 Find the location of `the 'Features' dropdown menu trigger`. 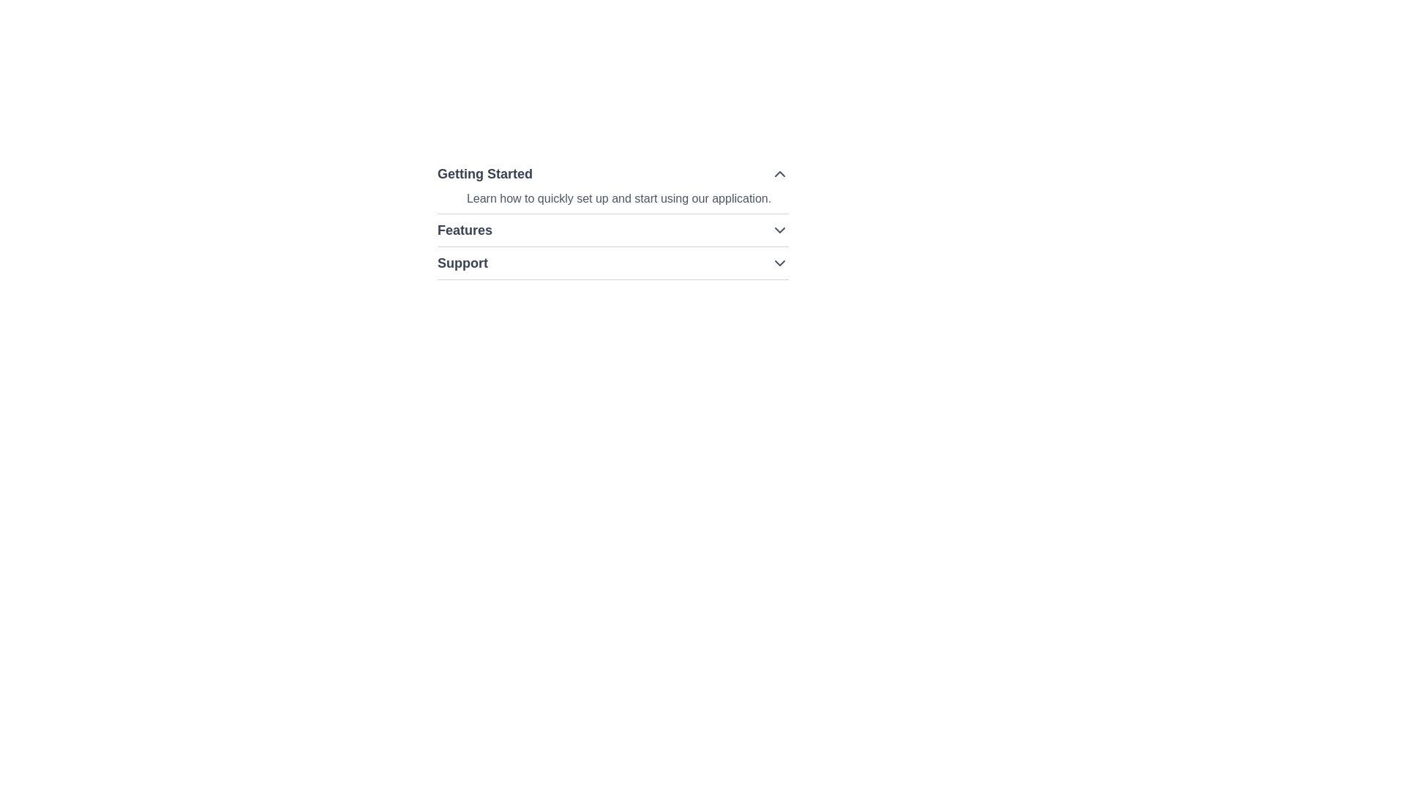

the 'Features' dropdown menu trigger is located at coordinates (613, 230).